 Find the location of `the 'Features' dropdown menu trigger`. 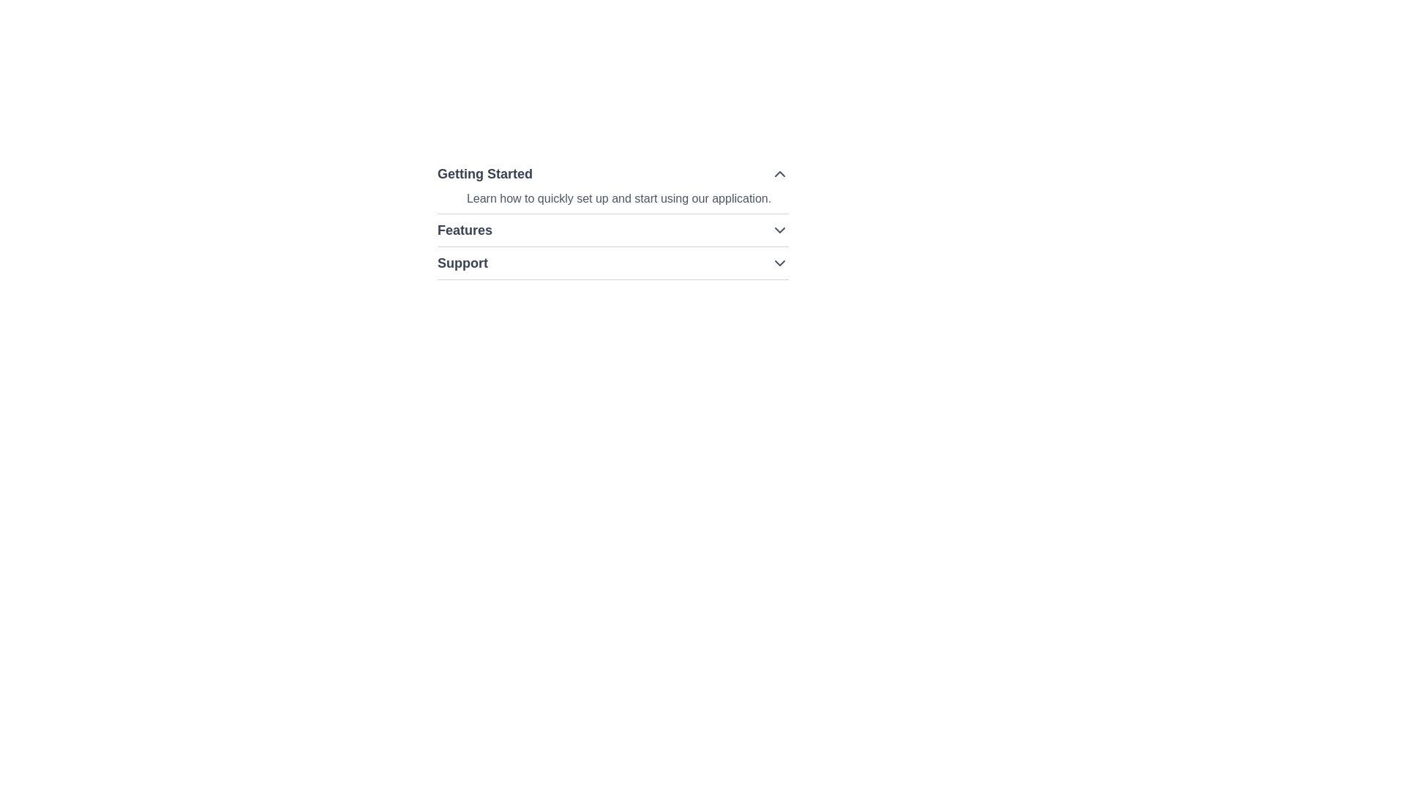

the 'Features' dropdown menu trigger is located at coordinates (613, 230).